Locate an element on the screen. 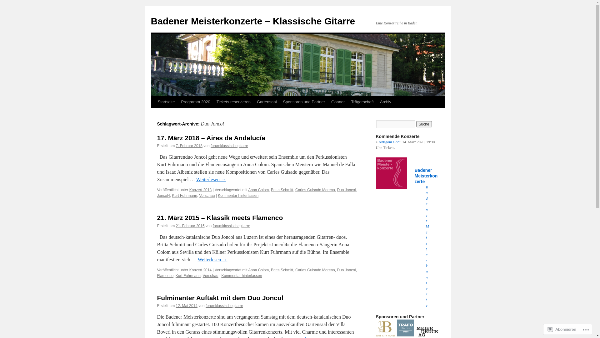  'Konzert 2014' is located at coordinates (200, 270).